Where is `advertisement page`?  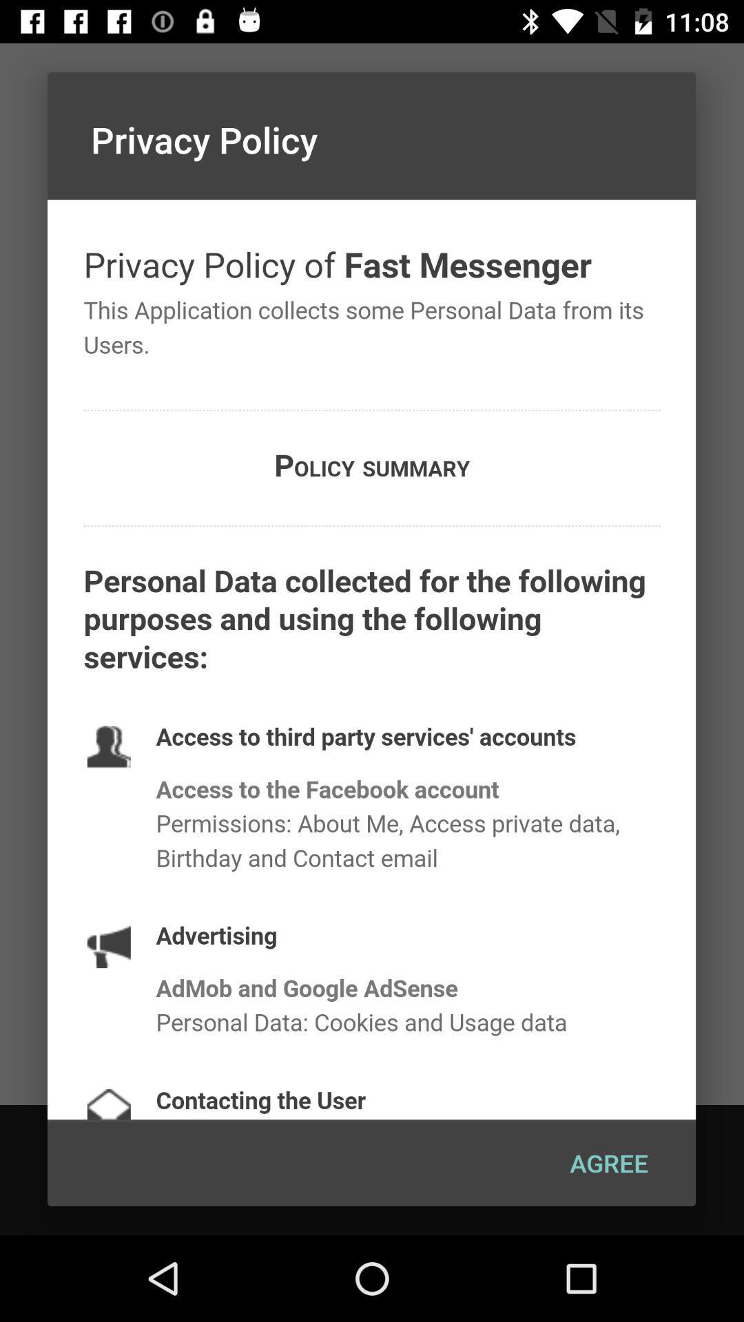
advertisement page is located at coordinates (371, 659).